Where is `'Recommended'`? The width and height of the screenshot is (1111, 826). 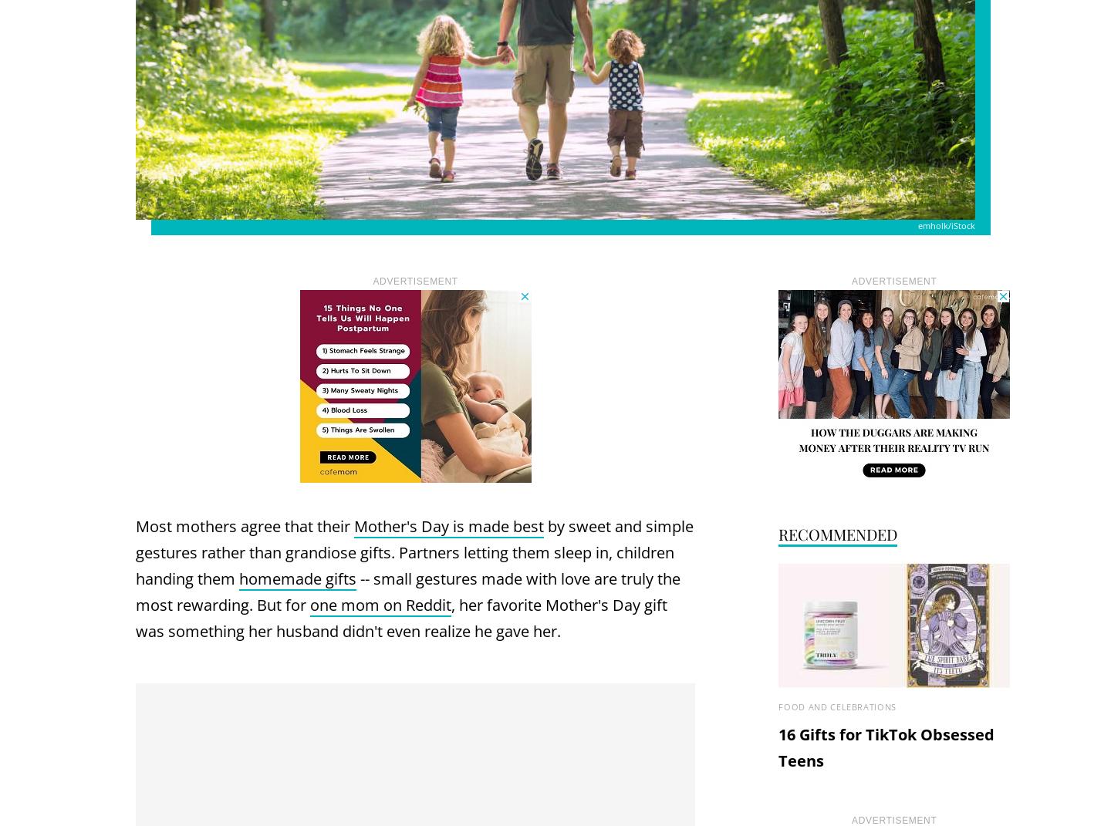
'Recommended' is located at coordinates (837, 533).